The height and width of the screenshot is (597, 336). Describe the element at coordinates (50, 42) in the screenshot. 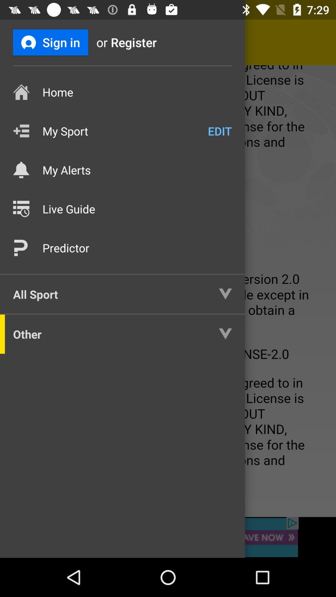

I see `the item next to or` at that location.